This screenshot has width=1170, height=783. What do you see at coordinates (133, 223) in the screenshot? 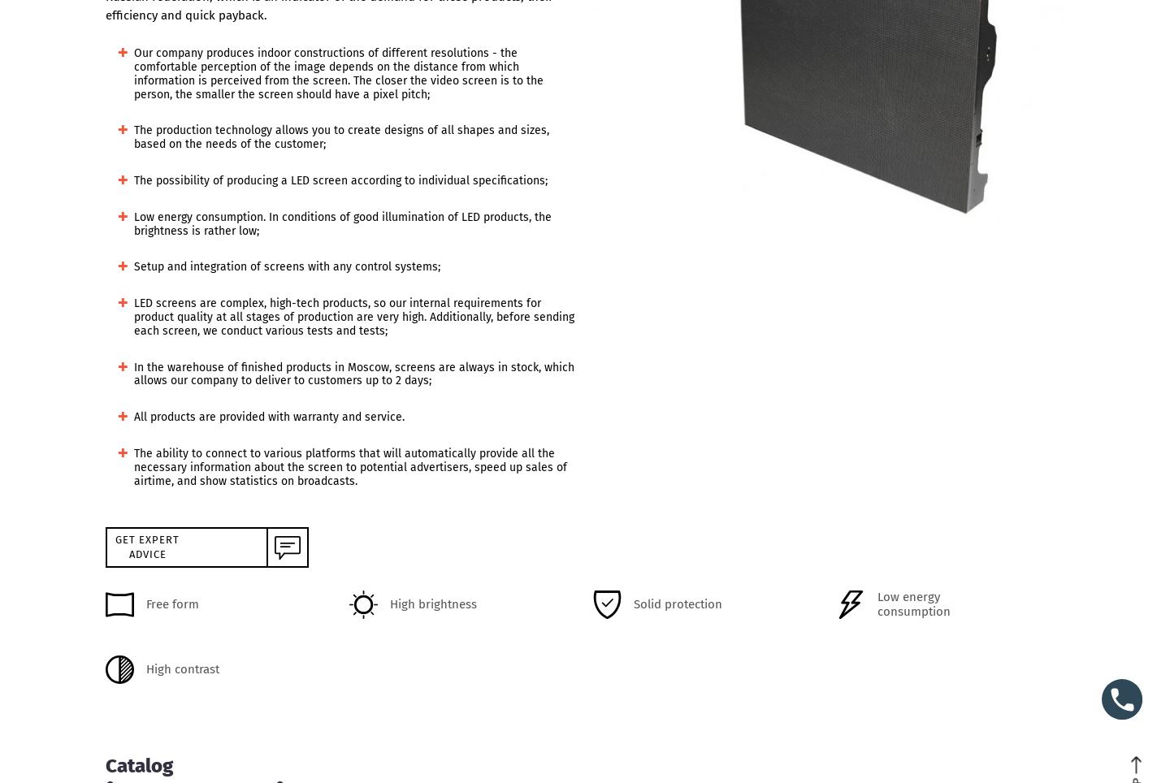
I see `'Low energy consumption. In conditions of good illumination of LED products, the brightness is rather low;'` at bounding box center [133, 223].